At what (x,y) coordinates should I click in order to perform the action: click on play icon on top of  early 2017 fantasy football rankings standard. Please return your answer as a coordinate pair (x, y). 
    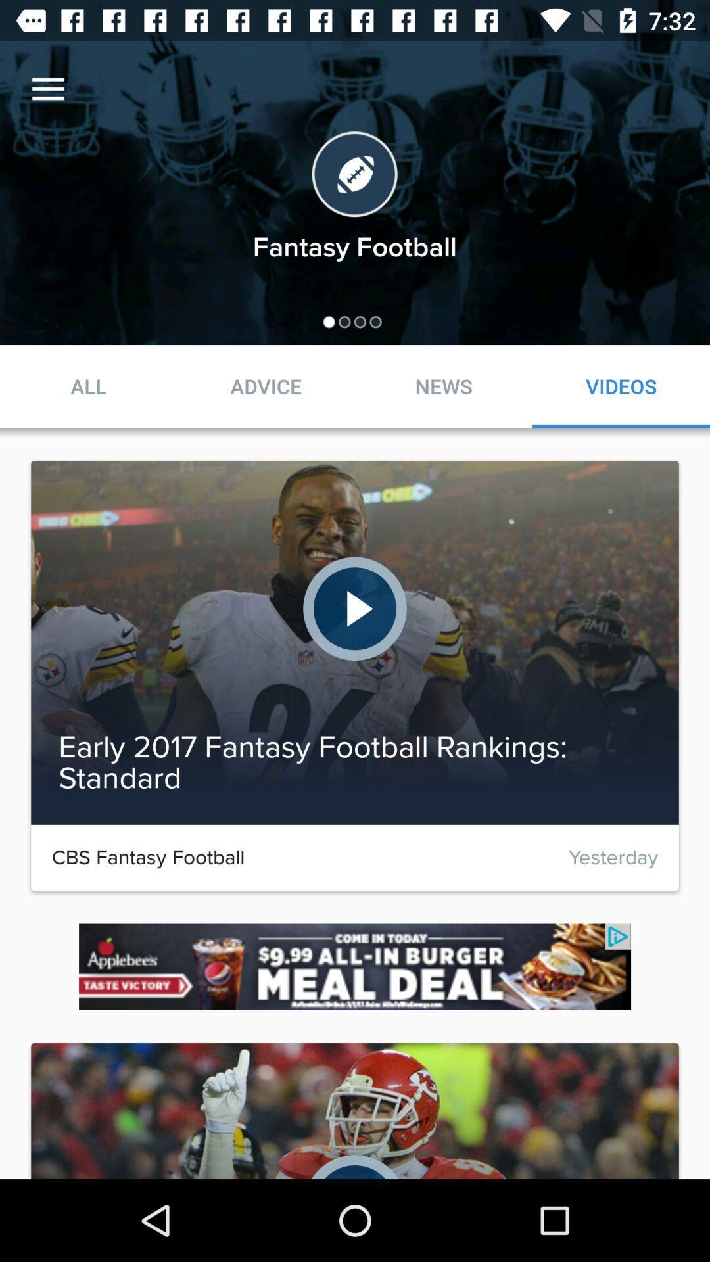
    Looking at the image, I should click on (355, 608).